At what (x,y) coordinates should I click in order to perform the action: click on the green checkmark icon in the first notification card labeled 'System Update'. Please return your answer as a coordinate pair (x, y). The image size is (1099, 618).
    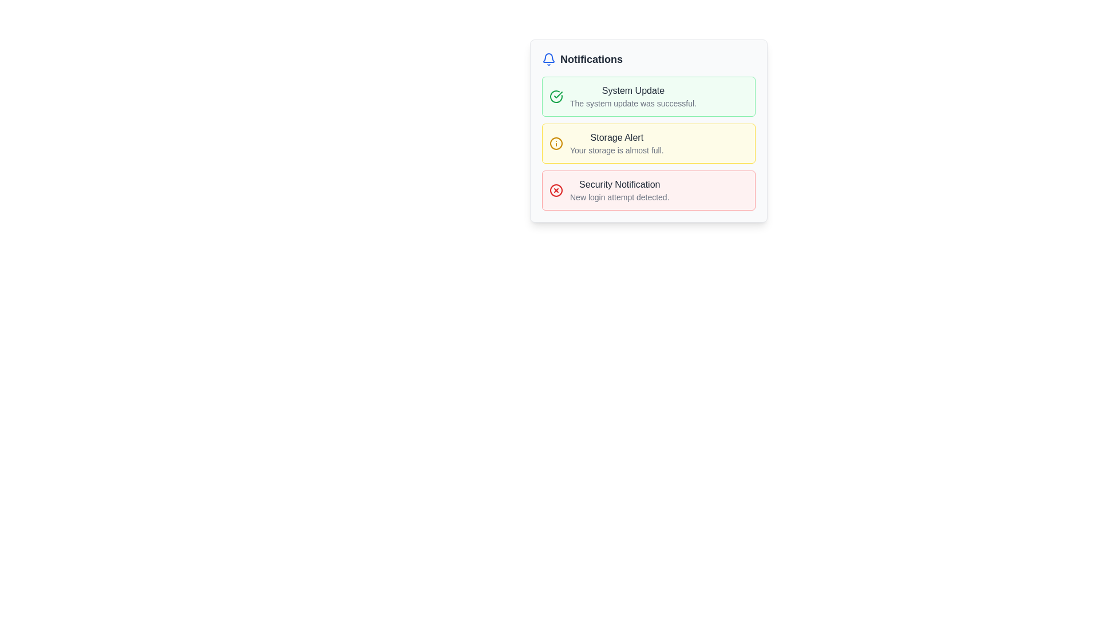
    Looking at the image, I should click on (556, 96).